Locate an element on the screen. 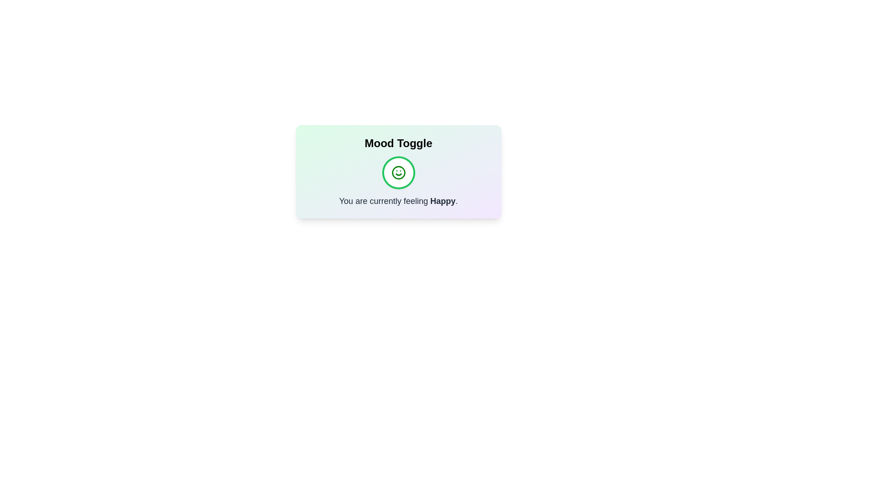 The image size is (881, 495). the toggle button to switch mood is located at coordinates (398, 173).